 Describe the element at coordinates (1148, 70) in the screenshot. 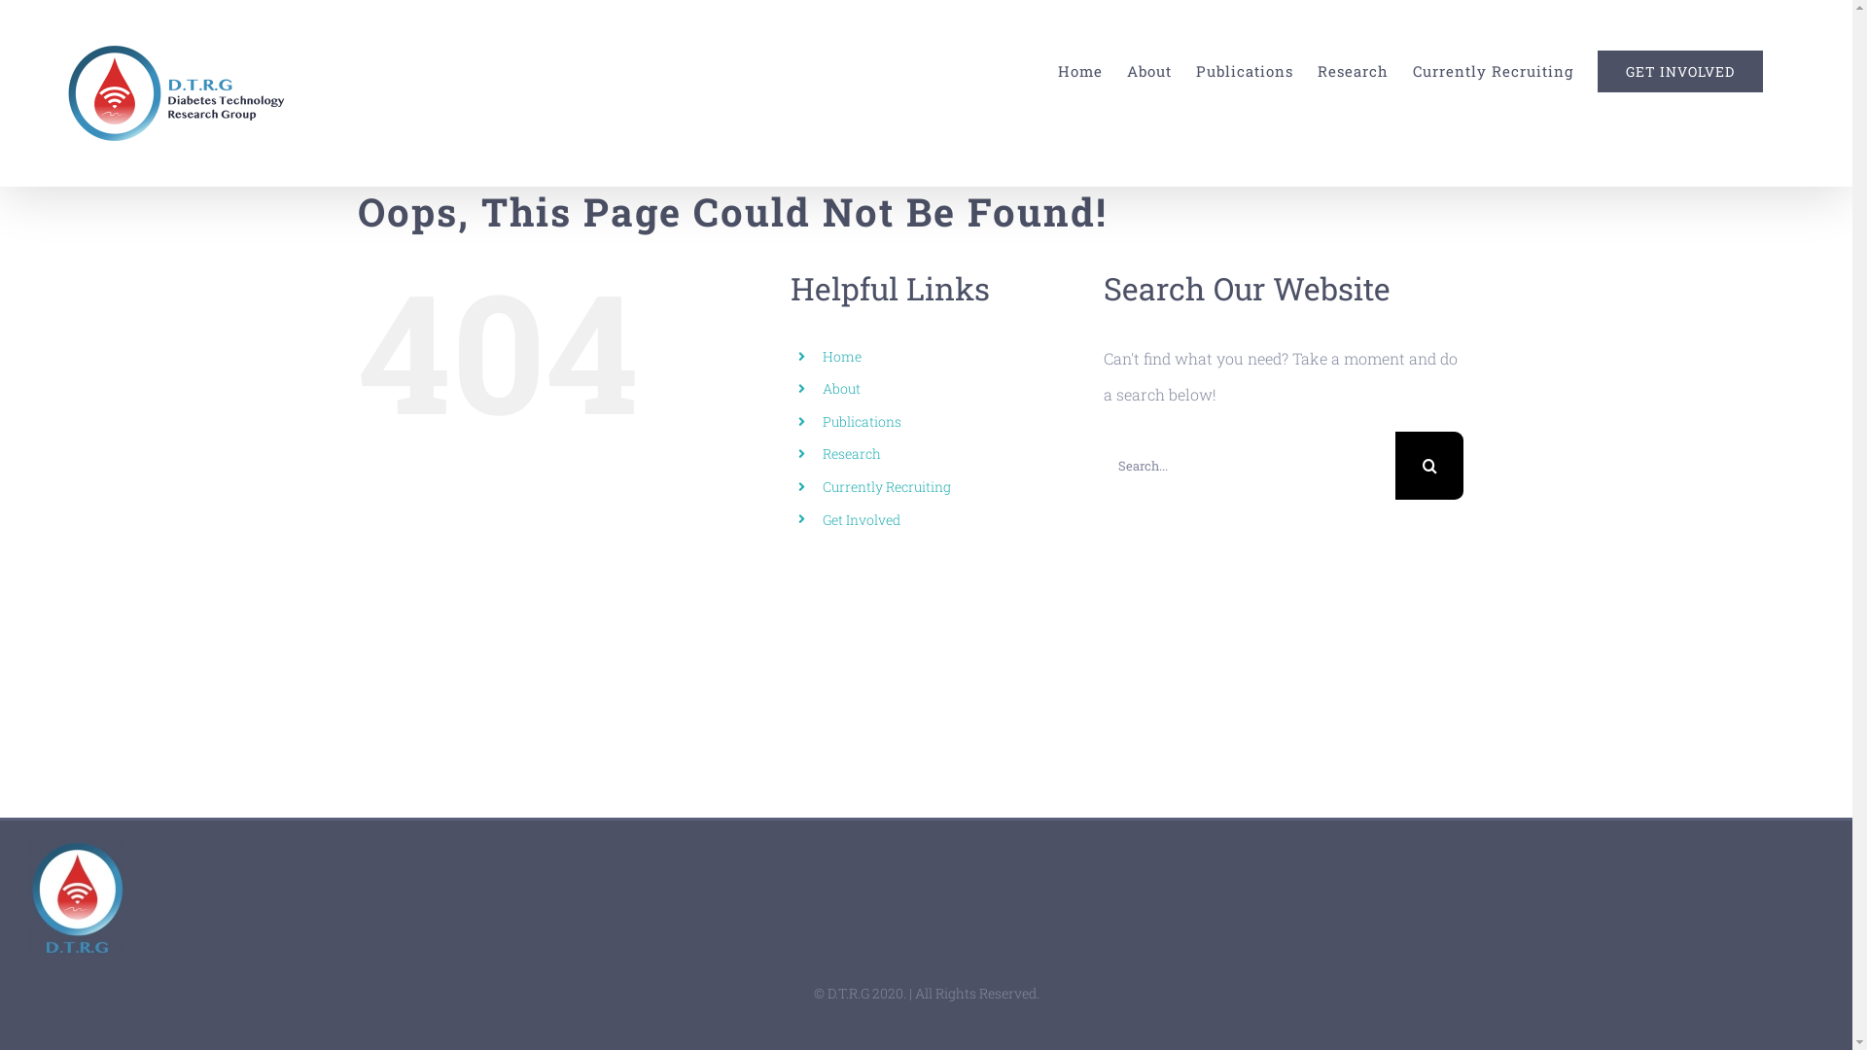

I see `'About'` at that location.